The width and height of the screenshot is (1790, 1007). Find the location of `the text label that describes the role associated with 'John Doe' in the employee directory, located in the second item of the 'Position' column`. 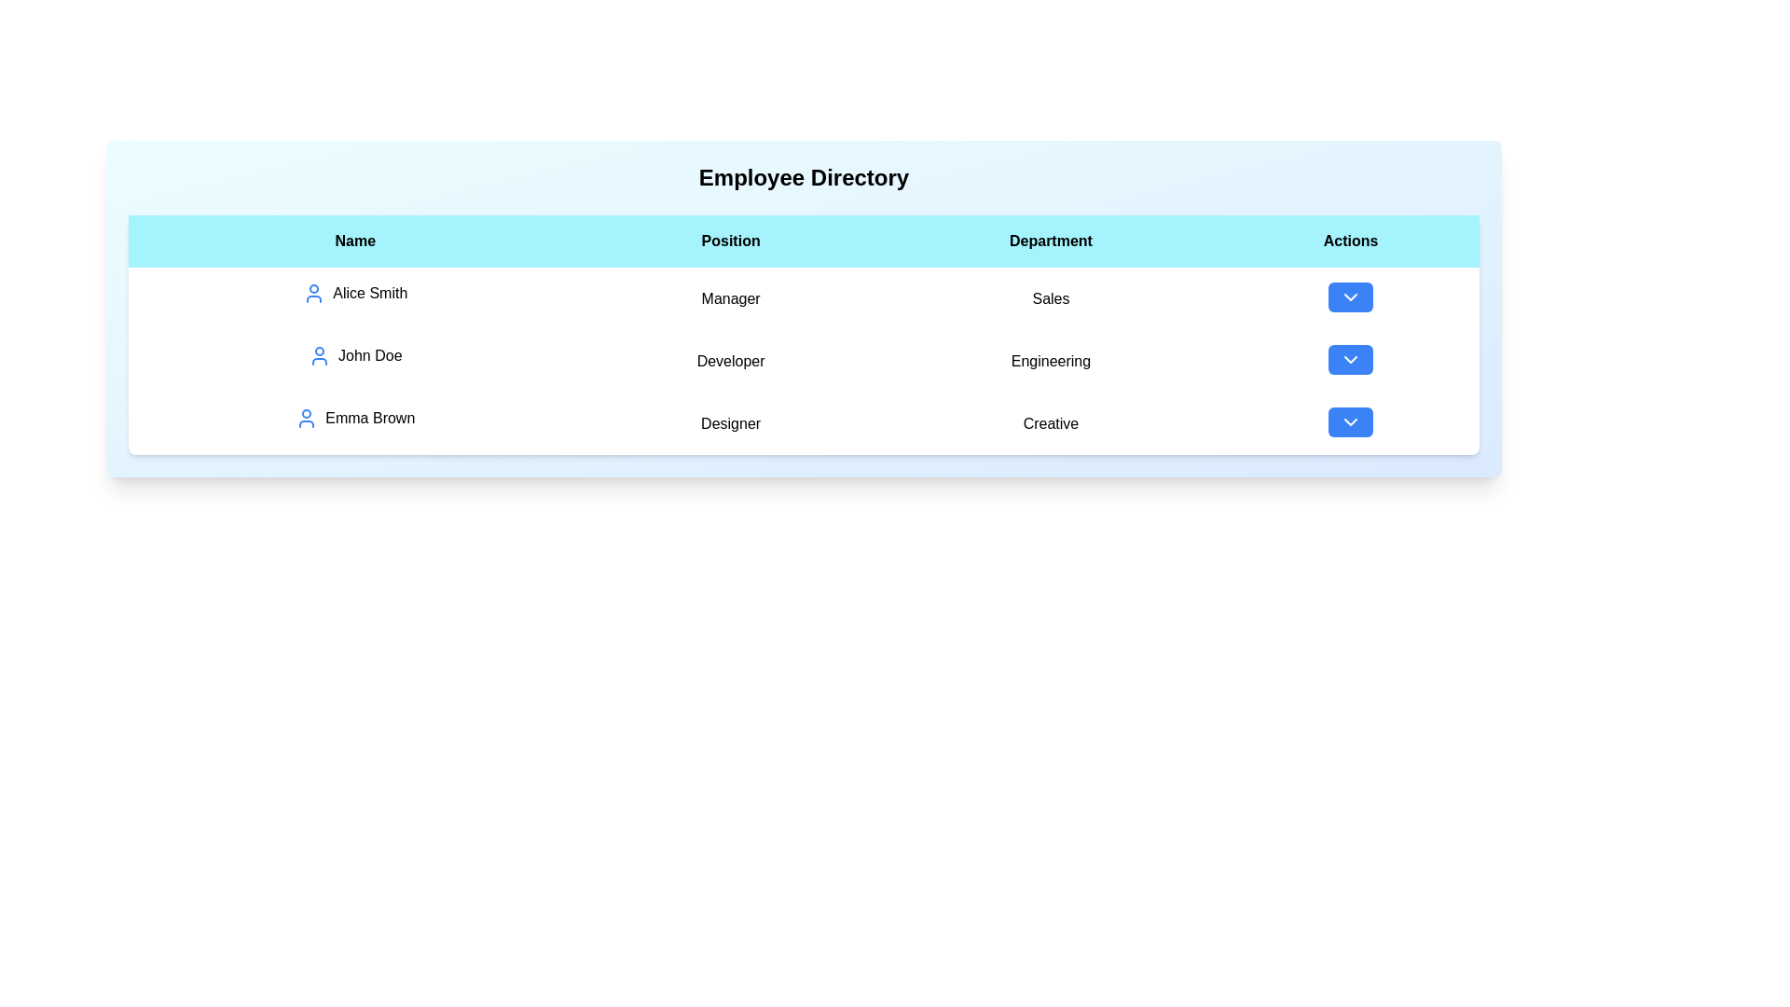

the text label that describes the role associated with 'John Doe' in the employee directory, located in the second item of the 'Position' column is located at coordinates (730, 361).